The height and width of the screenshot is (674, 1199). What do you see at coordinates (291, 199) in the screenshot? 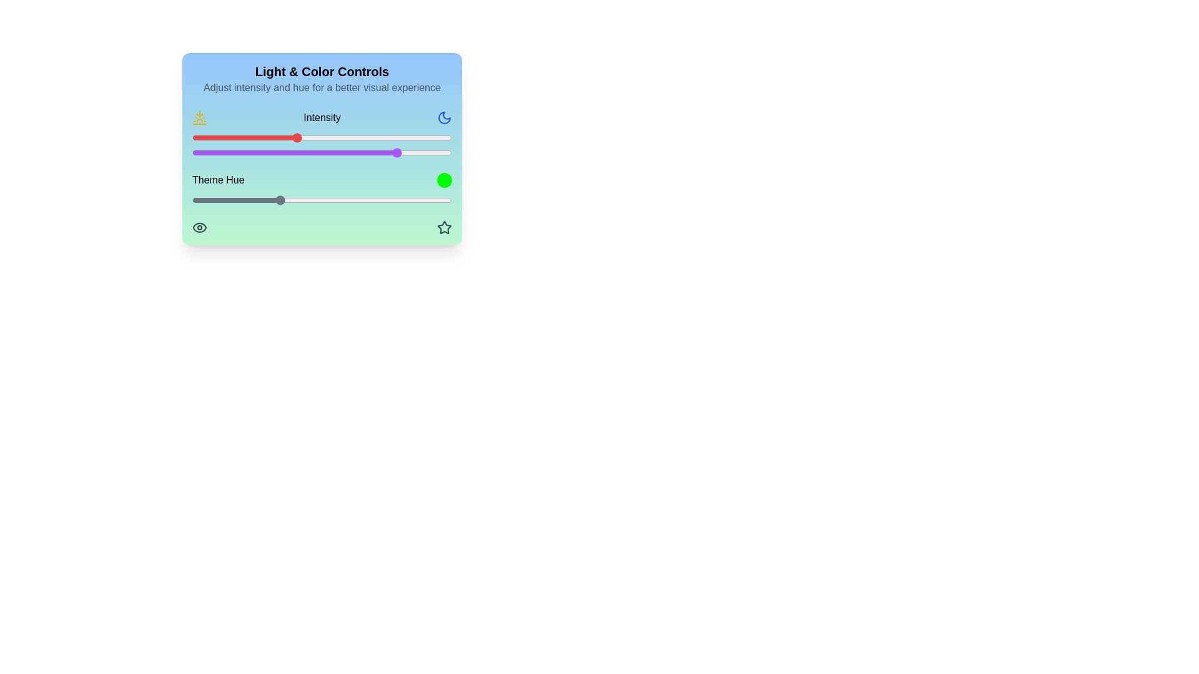
I see `the theme hue` at bounding box center [291, 199].